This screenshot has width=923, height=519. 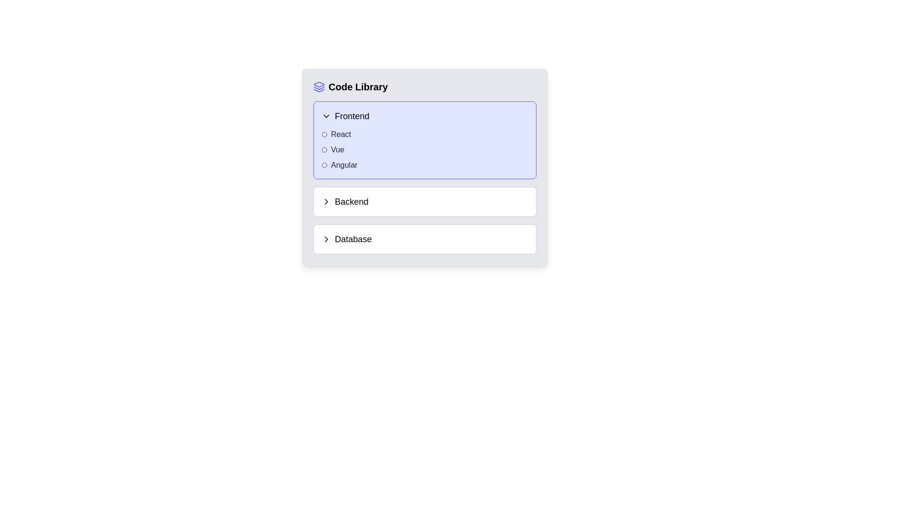 What do you see at coordinates (324, 150) in the screenshot?
I see `the Decorative icon (SVG circle) located in the 'Frontend' dropdown menu of the 'Code Library' section, next to the text 'Vue'` at bounding box center [324, 150].